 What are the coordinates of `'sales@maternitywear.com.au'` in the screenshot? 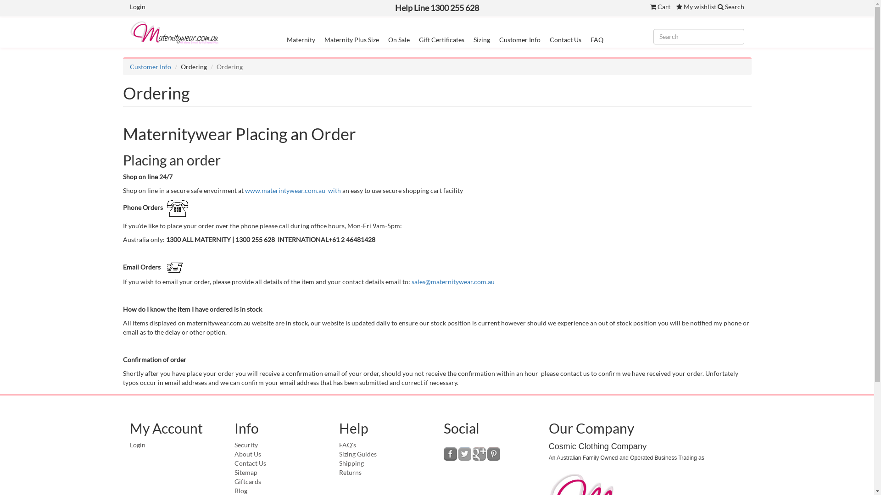 It's located at (452, 281).